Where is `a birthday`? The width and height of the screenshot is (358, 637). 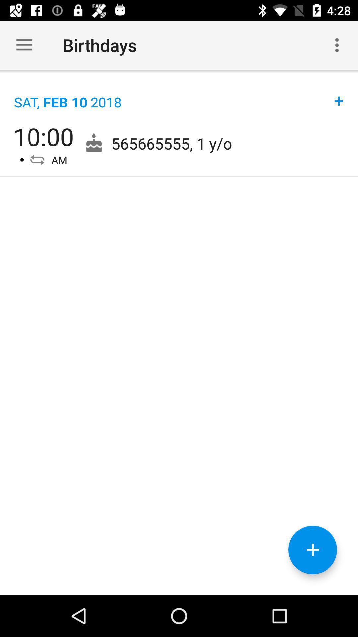 a birthday is located at coordinates (313, 550).